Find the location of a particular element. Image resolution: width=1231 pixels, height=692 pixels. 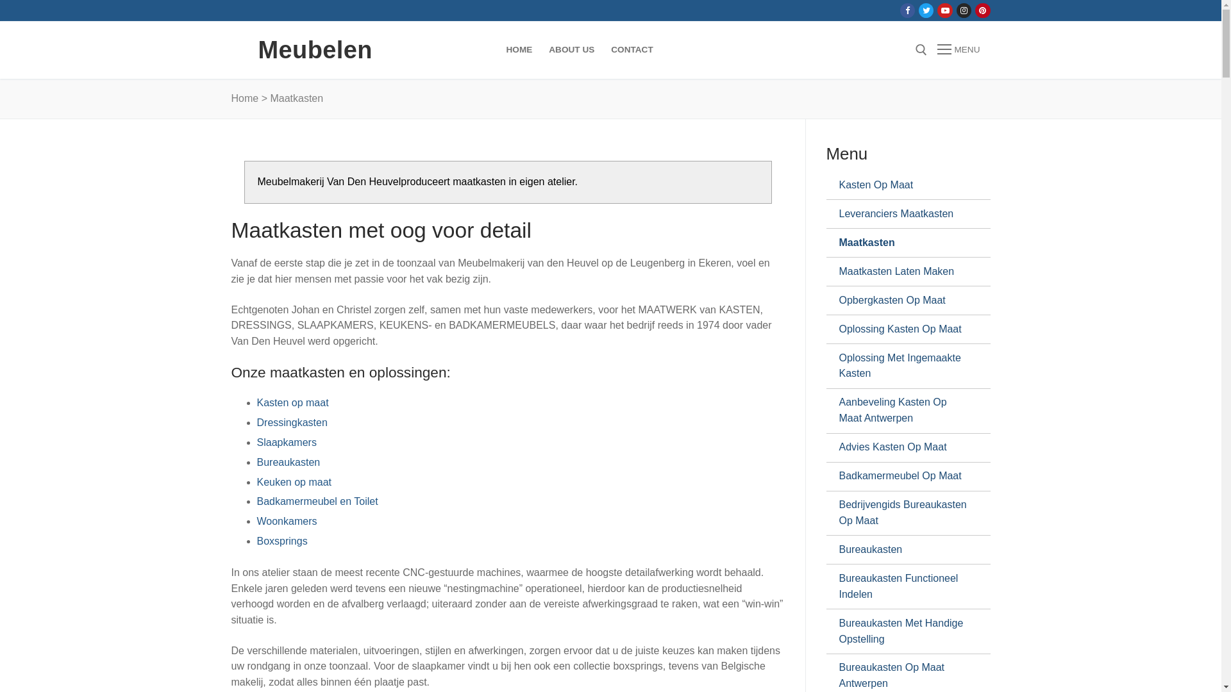

'HOME' is located at coordinates (497, 49).